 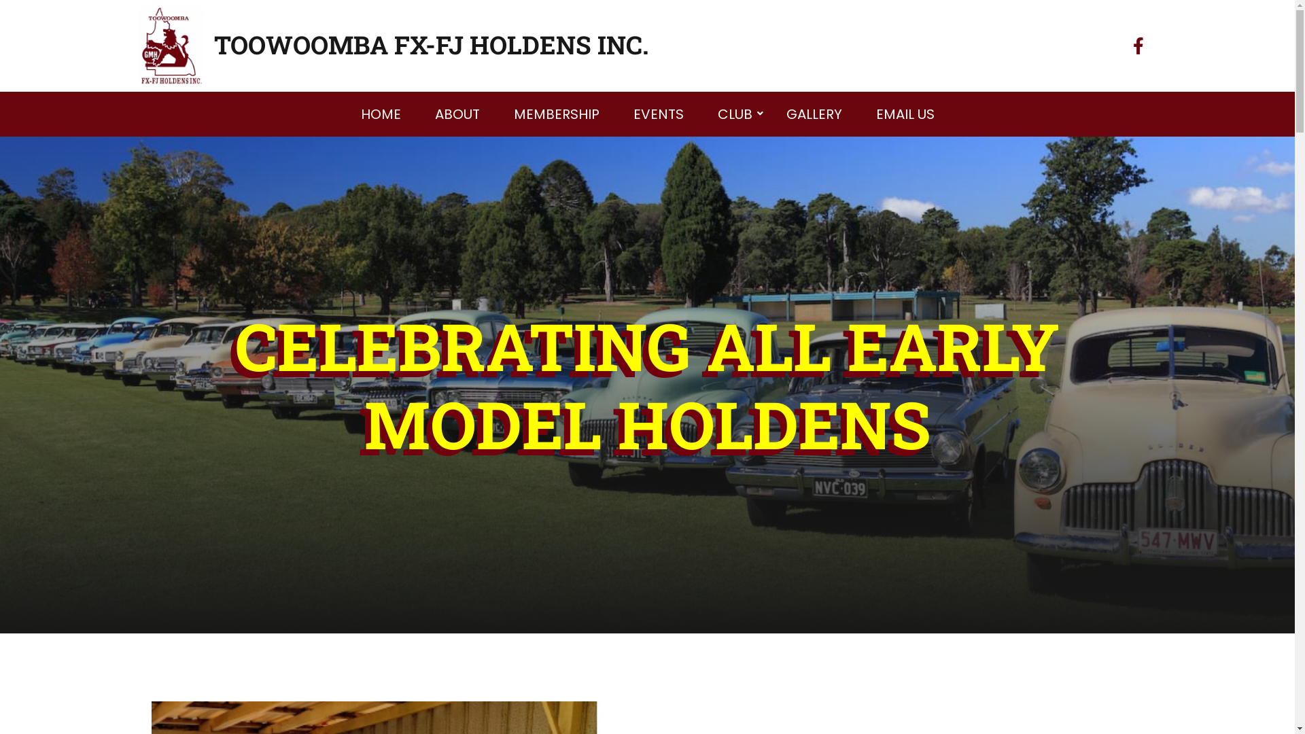 What do you see at coordinates (733, 113) in the screenshot?
I see `'CLUB'` at bounding box center [733, 113].